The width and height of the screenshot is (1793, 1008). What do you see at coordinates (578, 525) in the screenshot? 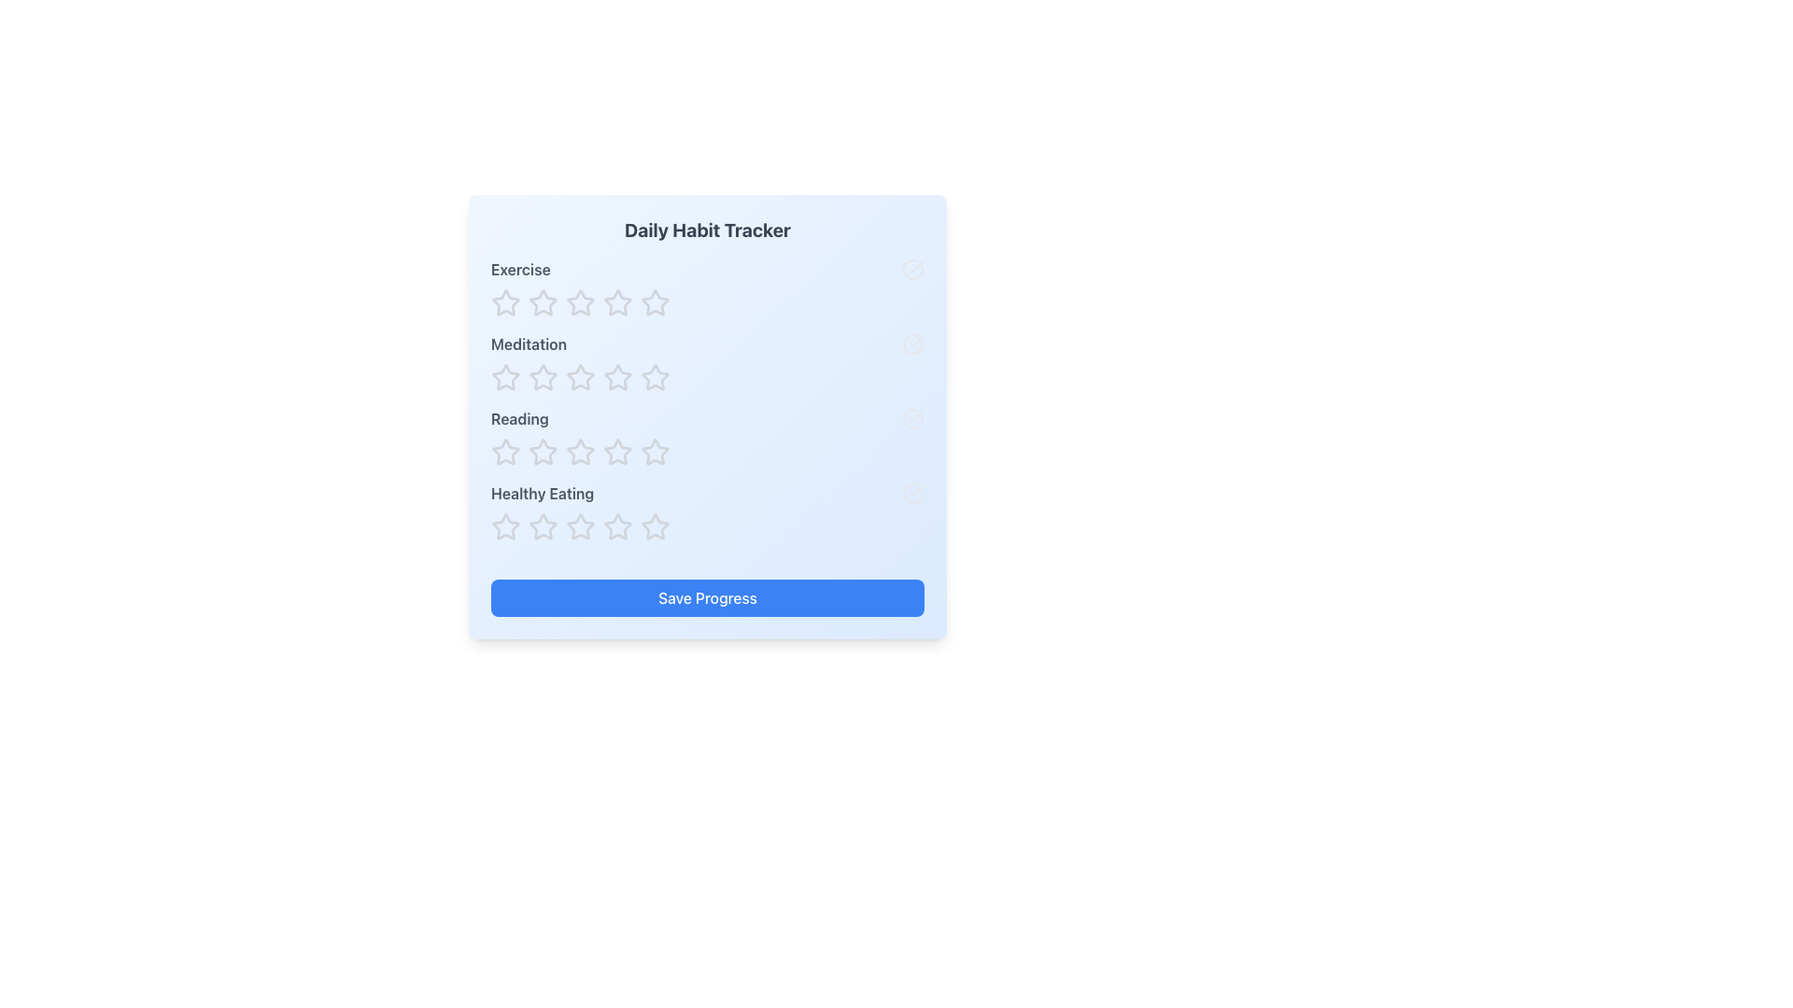
I see `the first star-shaped icon with an outlined border and no inner fill, located under the 'Healthy Eating' label` at bounding box center [578, 525].